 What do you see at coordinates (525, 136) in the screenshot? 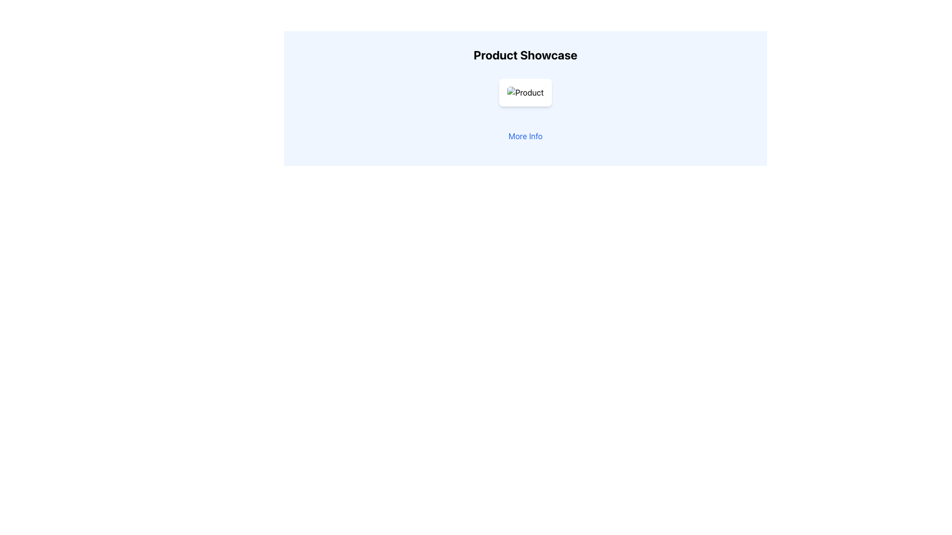
I see `the hyperlink located directly under the 'Product' label image` at bounding box center [525, 136].